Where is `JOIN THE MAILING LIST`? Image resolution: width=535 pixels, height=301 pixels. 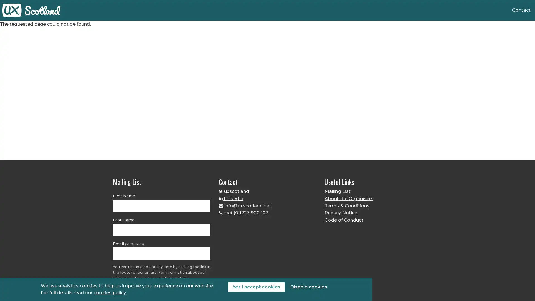 JOIN THE MAILING LIST is located at coordinates (141, 288).